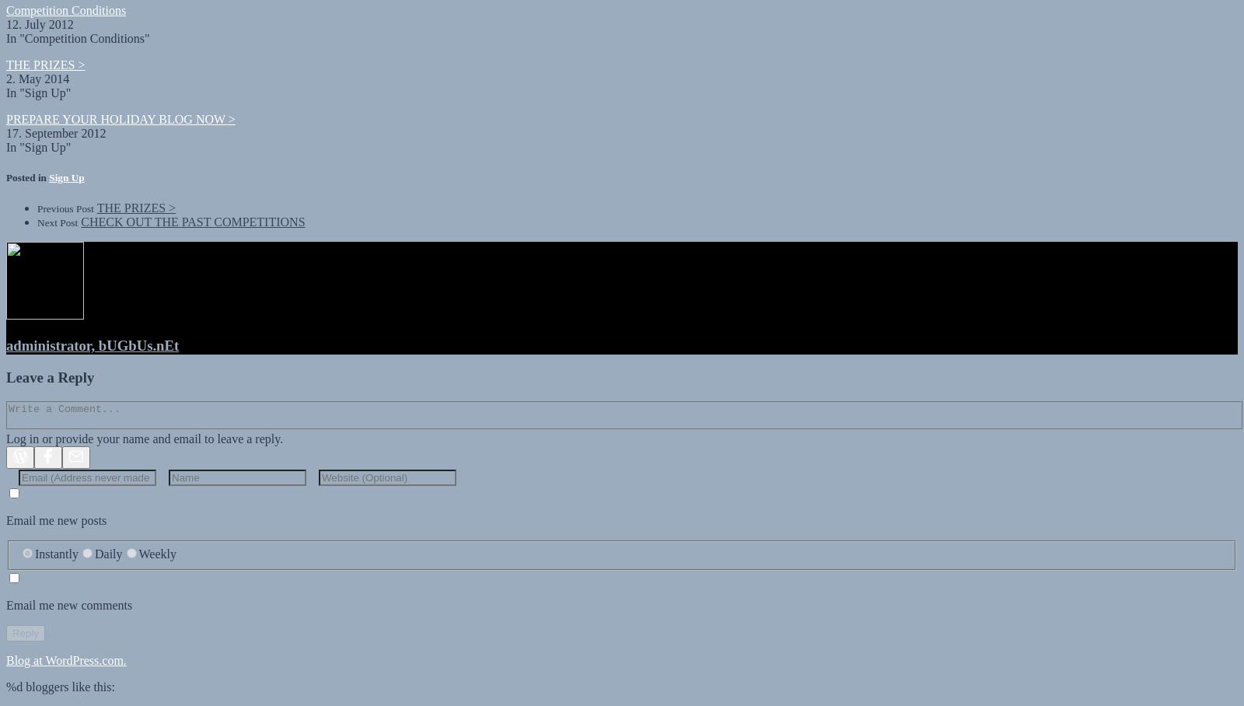 This screenshot has height=706, width=1244. I want to click on 'bloggers like this:', so click(21, 672).